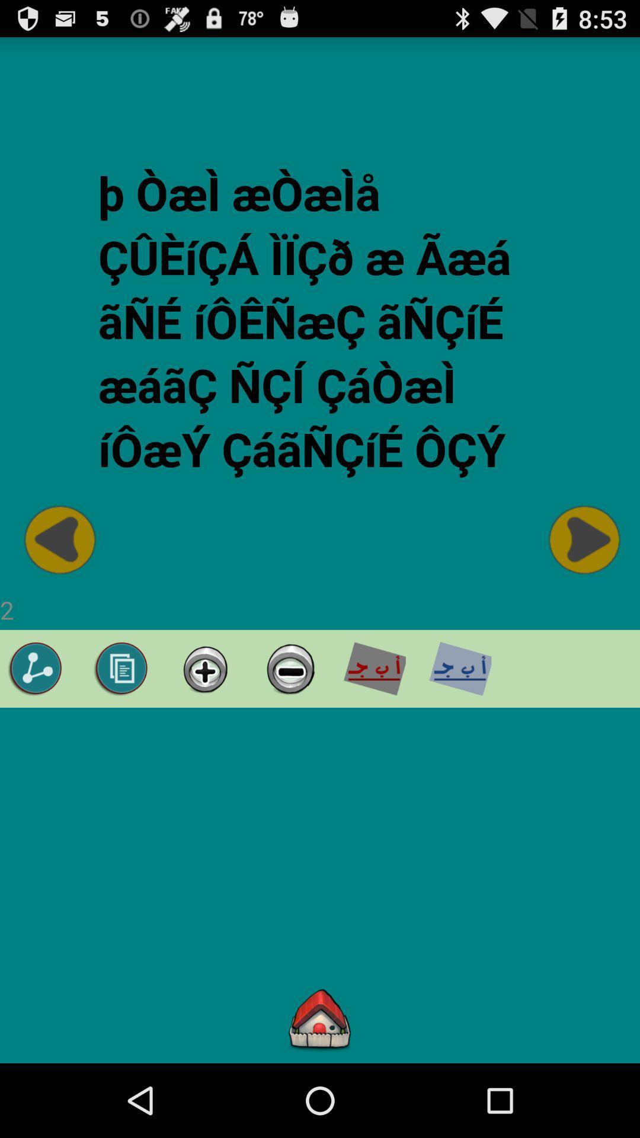 This screenshot has width=640, height=1138. I want to click on the add icon, so click(204, 715).